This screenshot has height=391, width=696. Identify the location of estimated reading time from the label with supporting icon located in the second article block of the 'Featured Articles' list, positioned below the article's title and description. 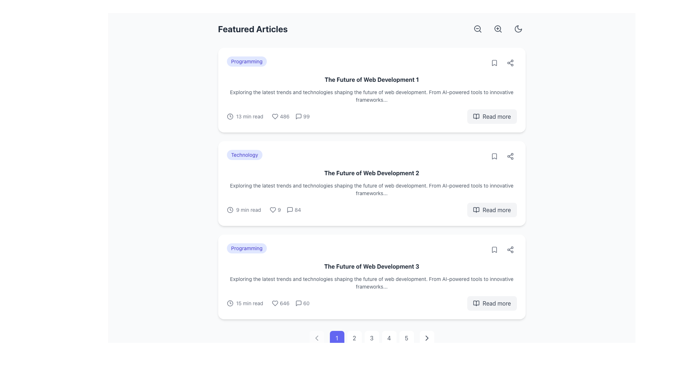
(244, 210).